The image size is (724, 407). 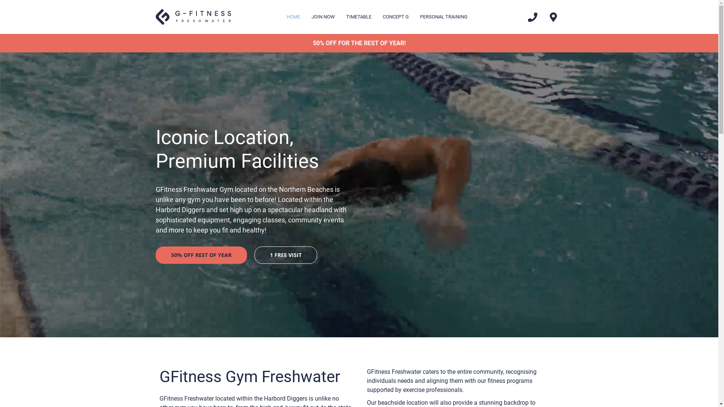 What do you see at coordinates (201, 255) in the screenshot?
I see `'50% OFF REST OF YEAR'` at bounding box center [201, 255].